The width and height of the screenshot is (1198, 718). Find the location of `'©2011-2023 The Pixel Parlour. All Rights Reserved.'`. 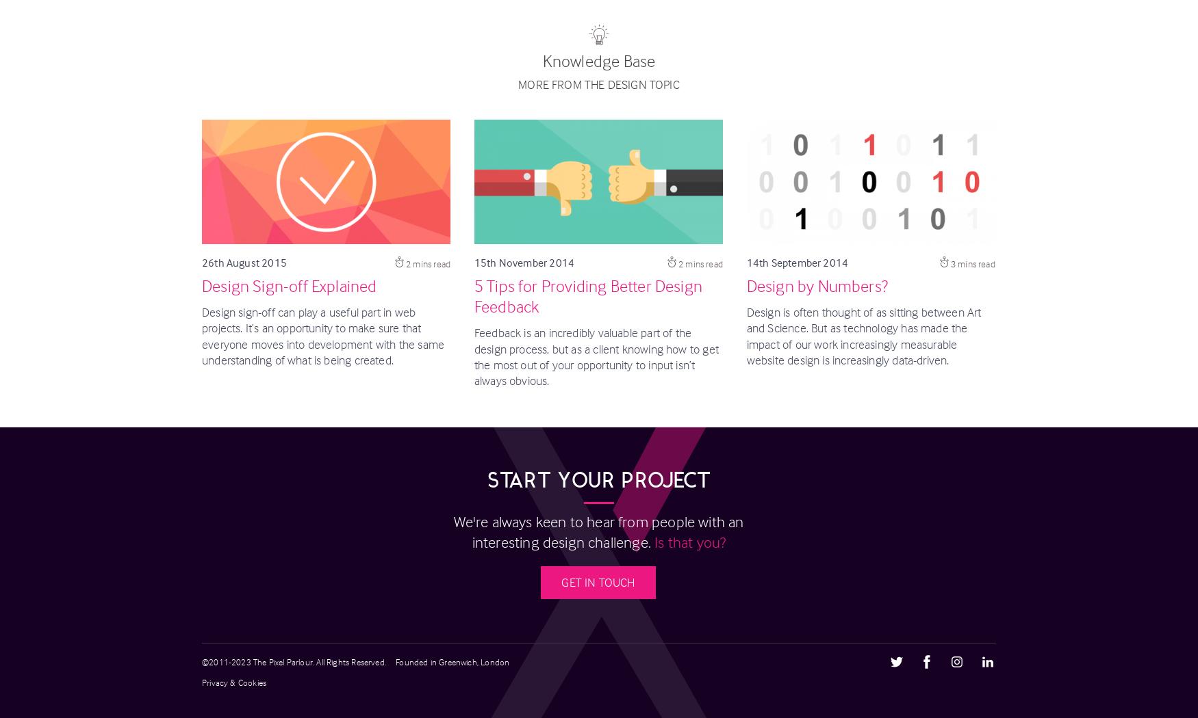

'©2011-2023 The Pixel Parlour. All Rights Reserved.' is located at coordinates (201, 661).